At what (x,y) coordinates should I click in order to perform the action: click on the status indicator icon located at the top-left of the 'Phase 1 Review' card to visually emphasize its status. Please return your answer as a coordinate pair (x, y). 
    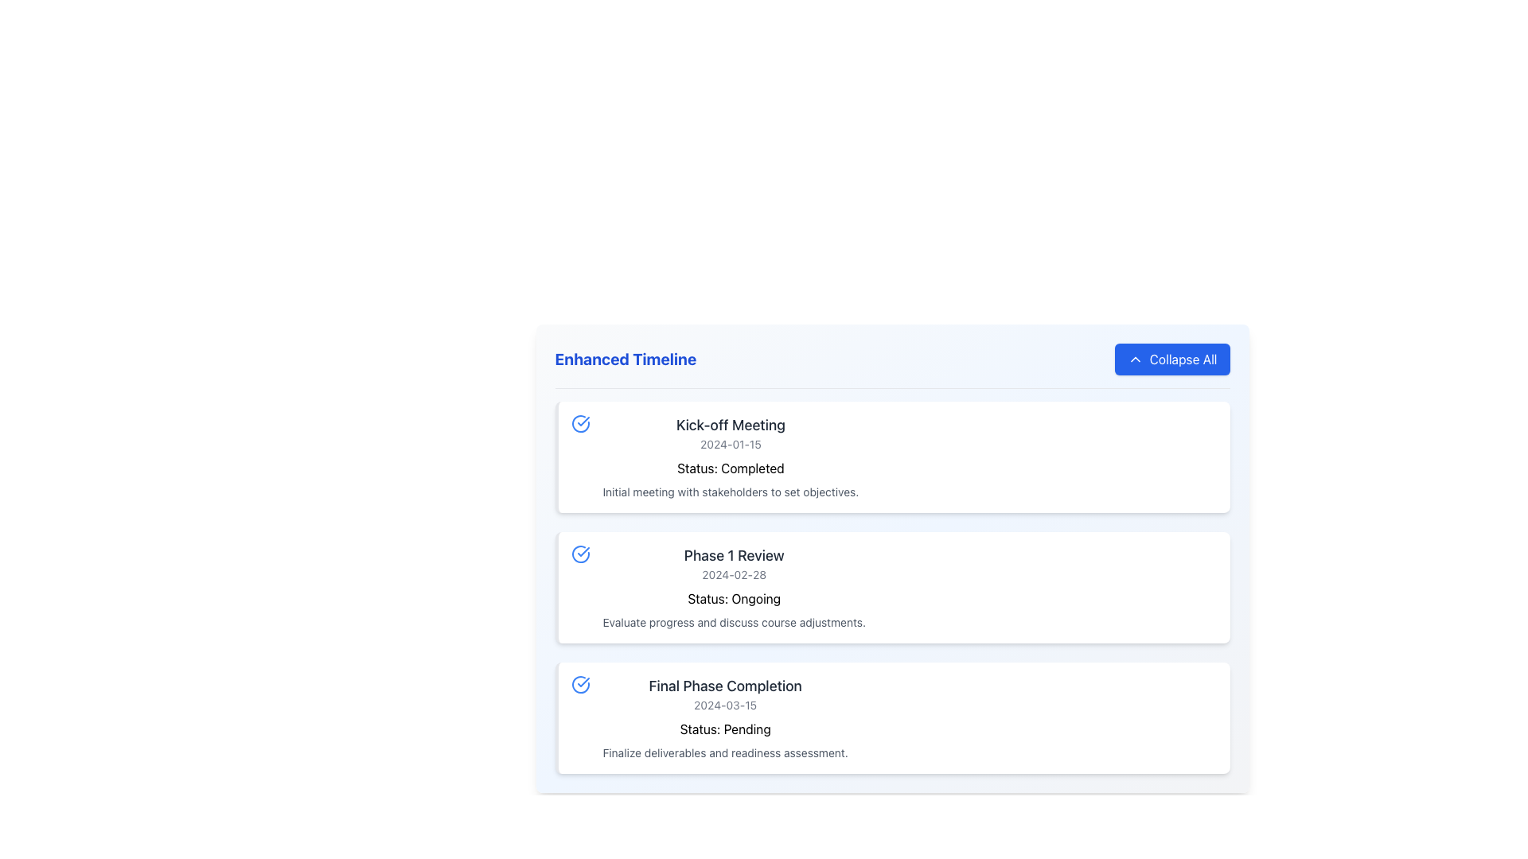
    Looking at the image, I should click on (579, 554).